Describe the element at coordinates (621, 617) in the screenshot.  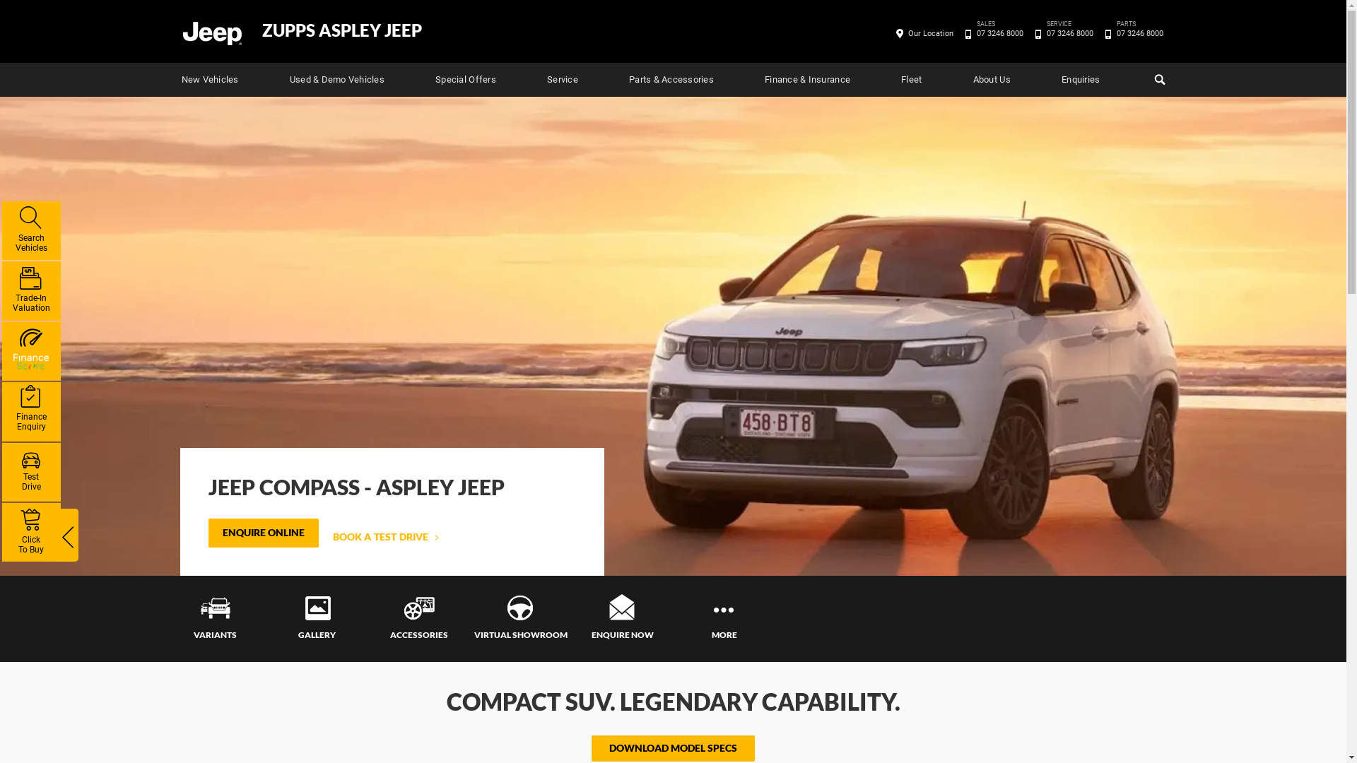
I see `'ENQUIRE NOW'` at that location.